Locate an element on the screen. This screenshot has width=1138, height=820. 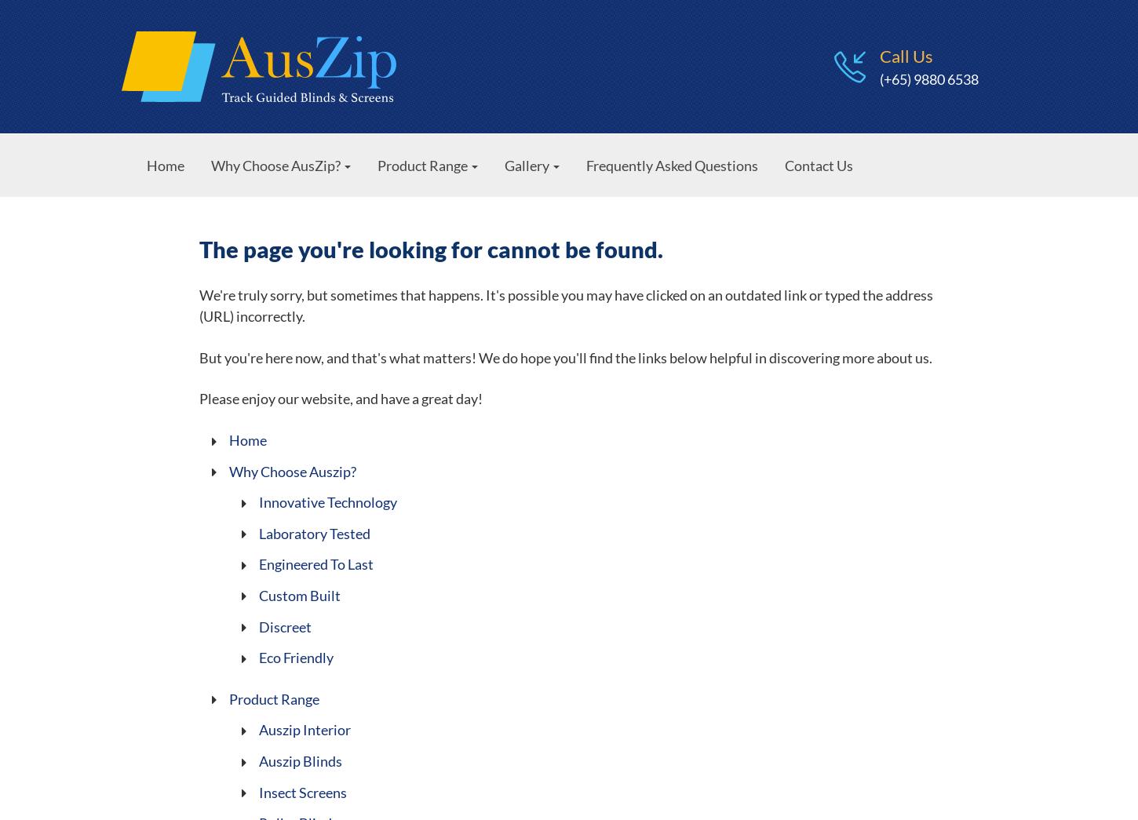
'Innovative Technology' is located at coordinates (326, 502).